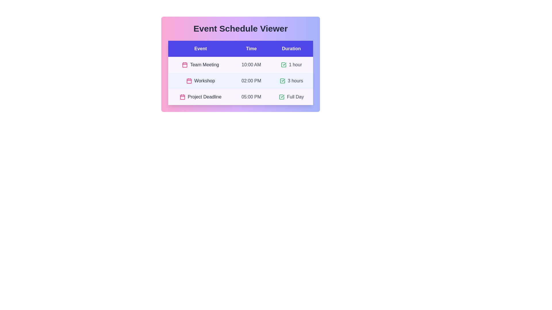 This screenshot has width=552, height=310. Describe the element at coordinates (240, 81) in the screenshot. I see `the event row corresponding to Workshop` at that location.